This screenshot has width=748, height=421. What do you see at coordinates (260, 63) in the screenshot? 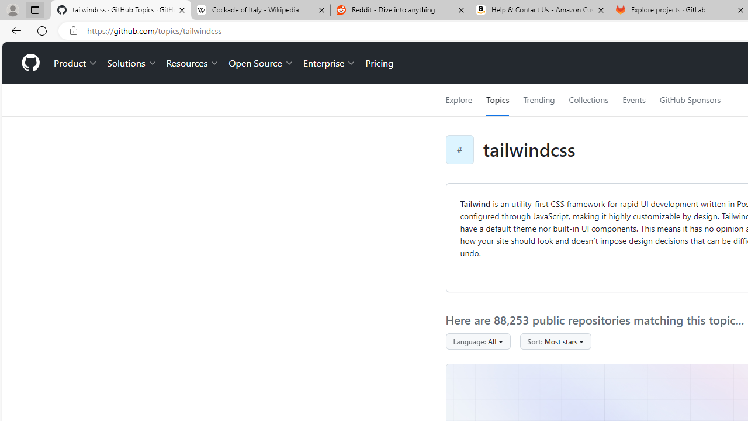
I see `'Open Source'` at bounding box center [260, 63].